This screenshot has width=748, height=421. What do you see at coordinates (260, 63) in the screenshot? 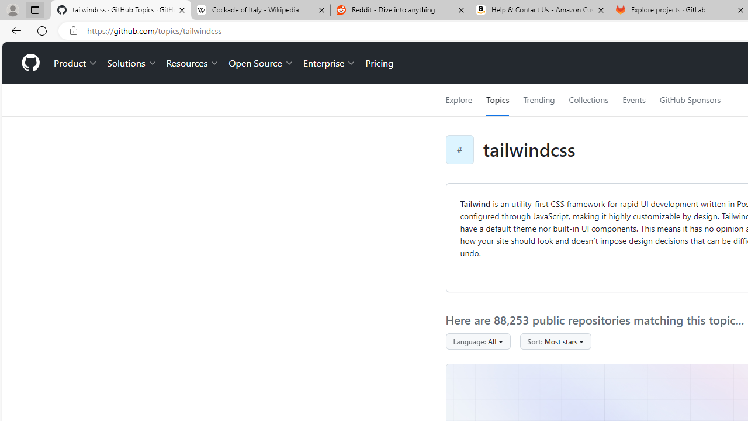
I see `'Open Source'` at bounding box center [260, 63].